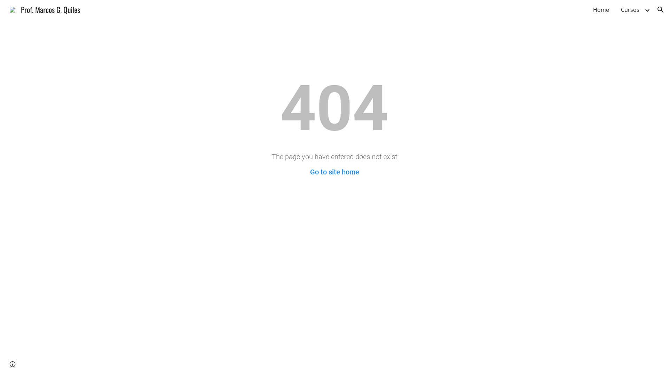 Image resolution: width=669 pixels, height=376 pixels. Describe the element at coordinates (334, 172) in the screenshot. I see `'Go to site home'` at that location.